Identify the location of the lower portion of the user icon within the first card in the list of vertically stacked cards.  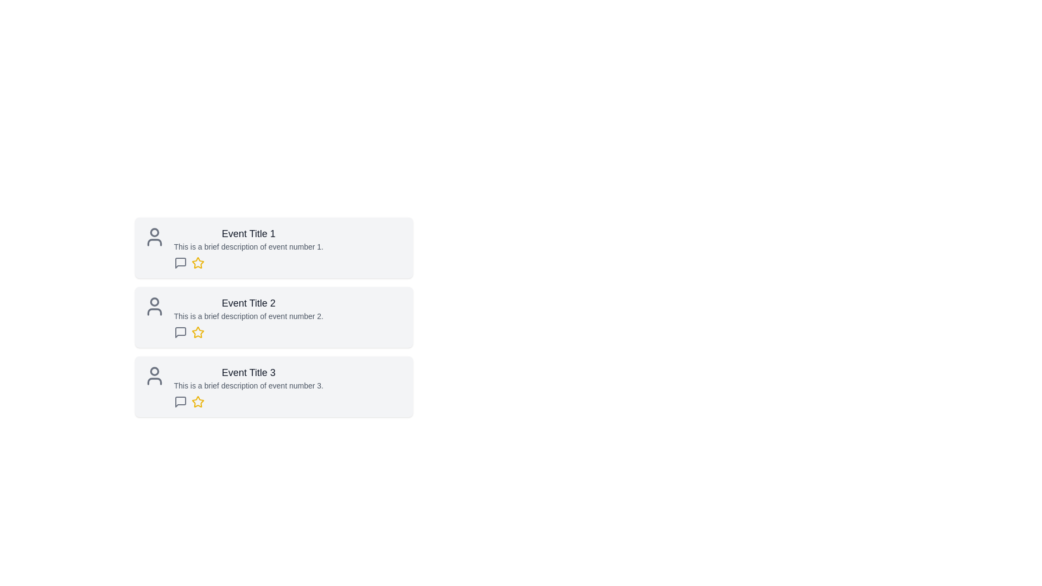
(154, 242).